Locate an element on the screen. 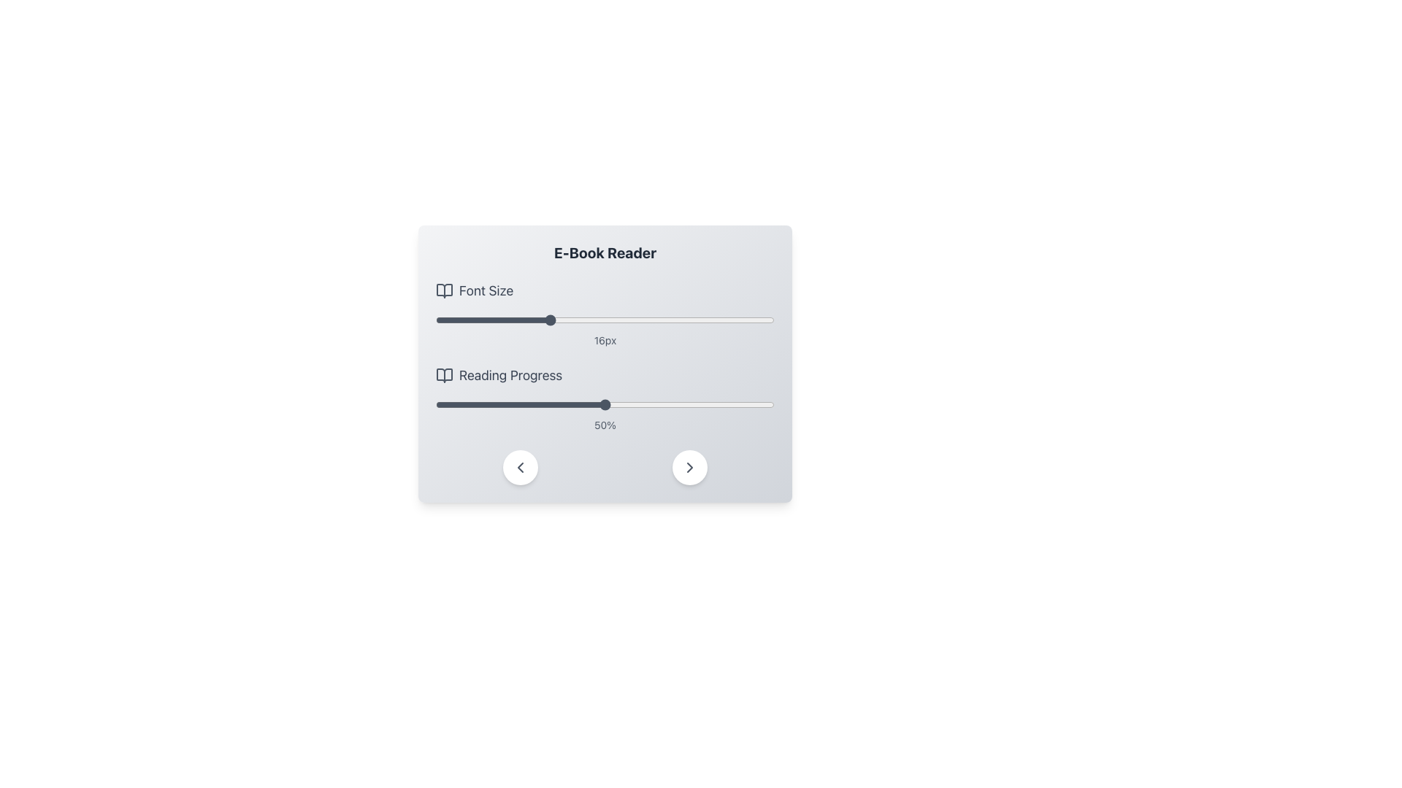 Image resolution: width=1402 pixels, height=788 pixels. the reading progress is located at coordinates (754, 405).